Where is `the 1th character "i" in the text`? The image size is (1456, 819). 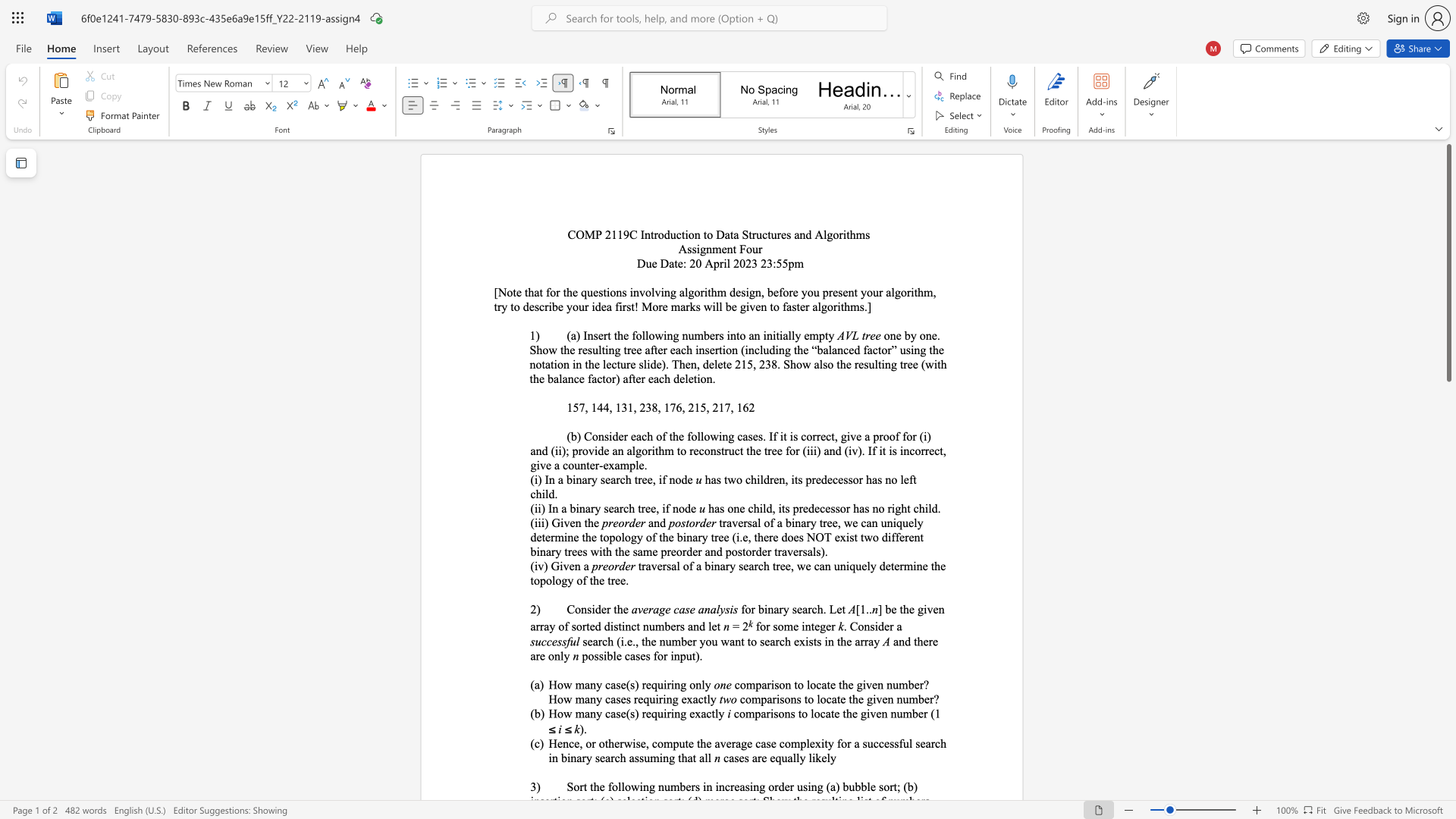 the 1th character "i" in the text is located at coordinates (766, 608).